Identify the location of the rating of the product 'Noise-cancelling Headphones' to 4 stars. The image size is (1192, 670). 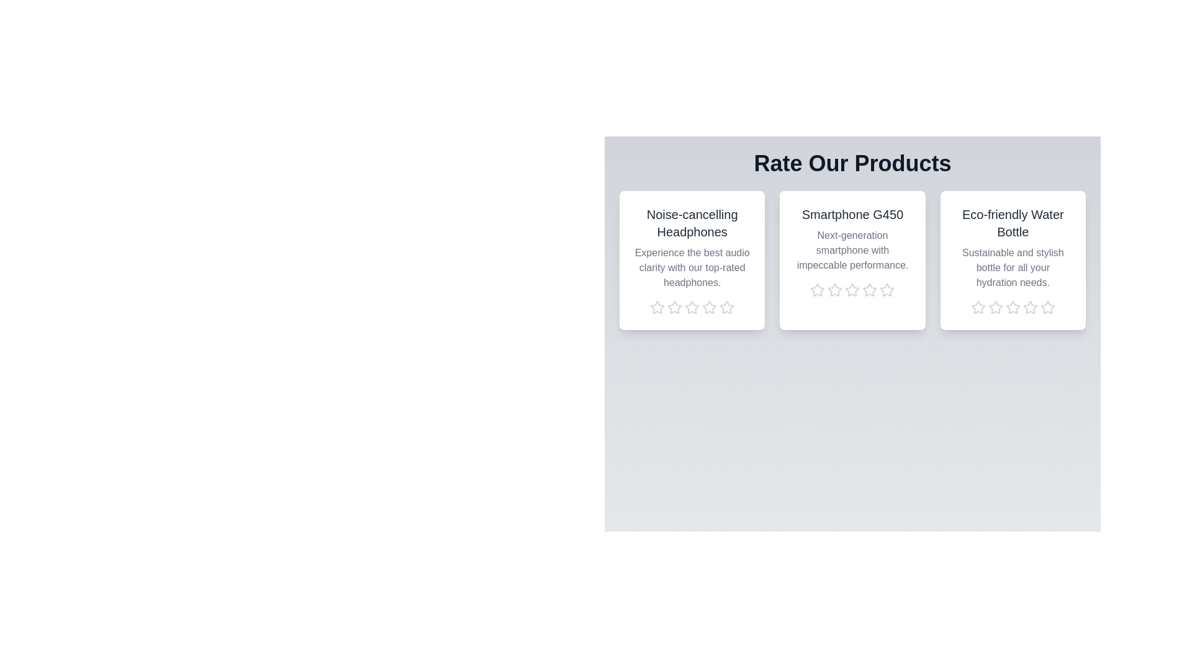
(709, 307).